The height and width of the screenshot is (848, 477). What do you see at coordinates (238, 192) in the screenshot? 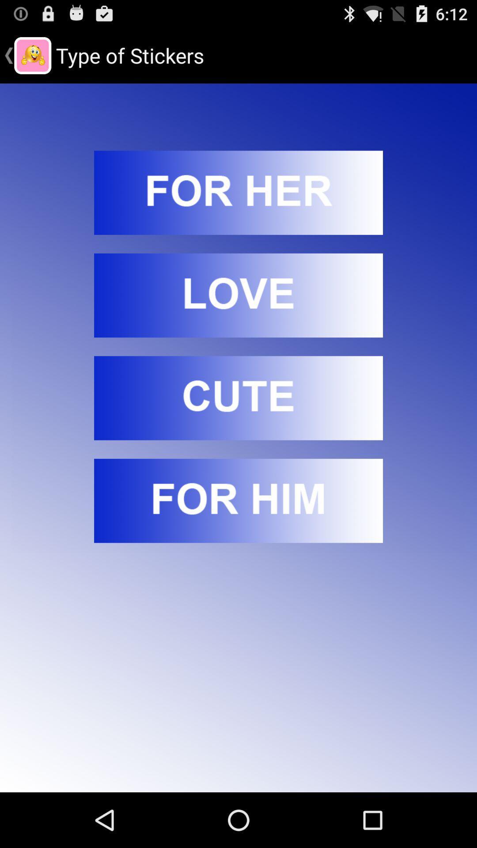
I see `expand option` at bounding box center [238, 192].